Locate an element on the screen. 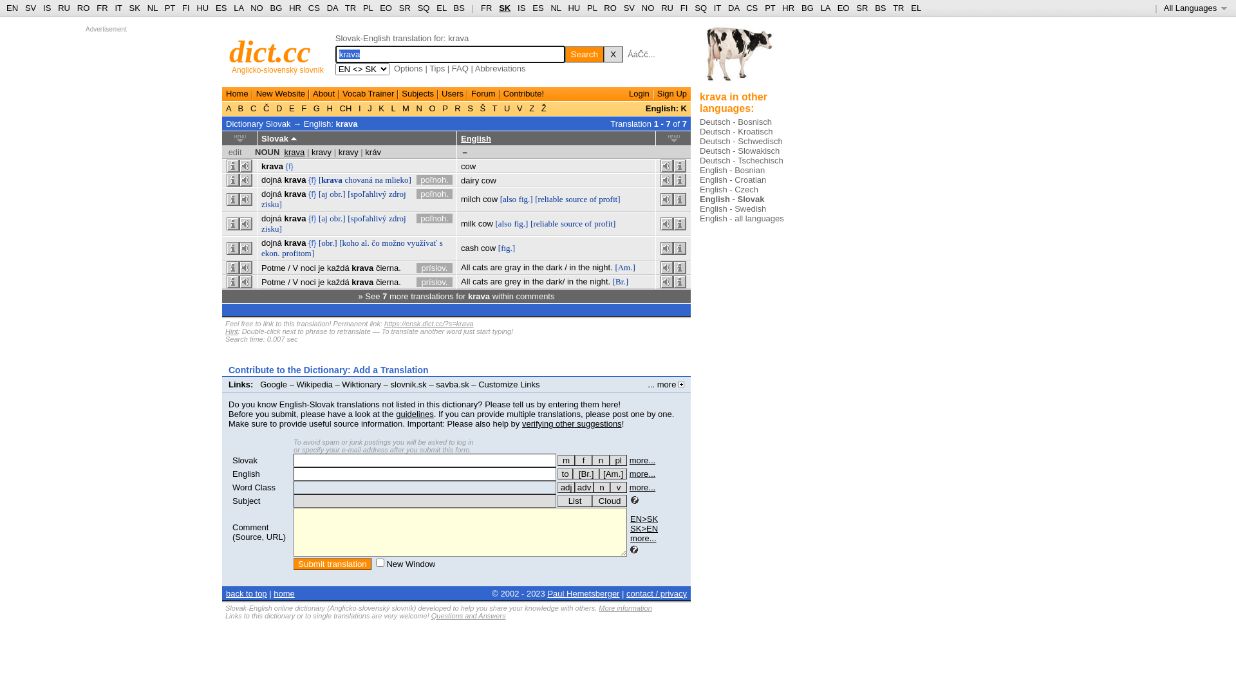  'IS' is located at coordinates (46, 8).